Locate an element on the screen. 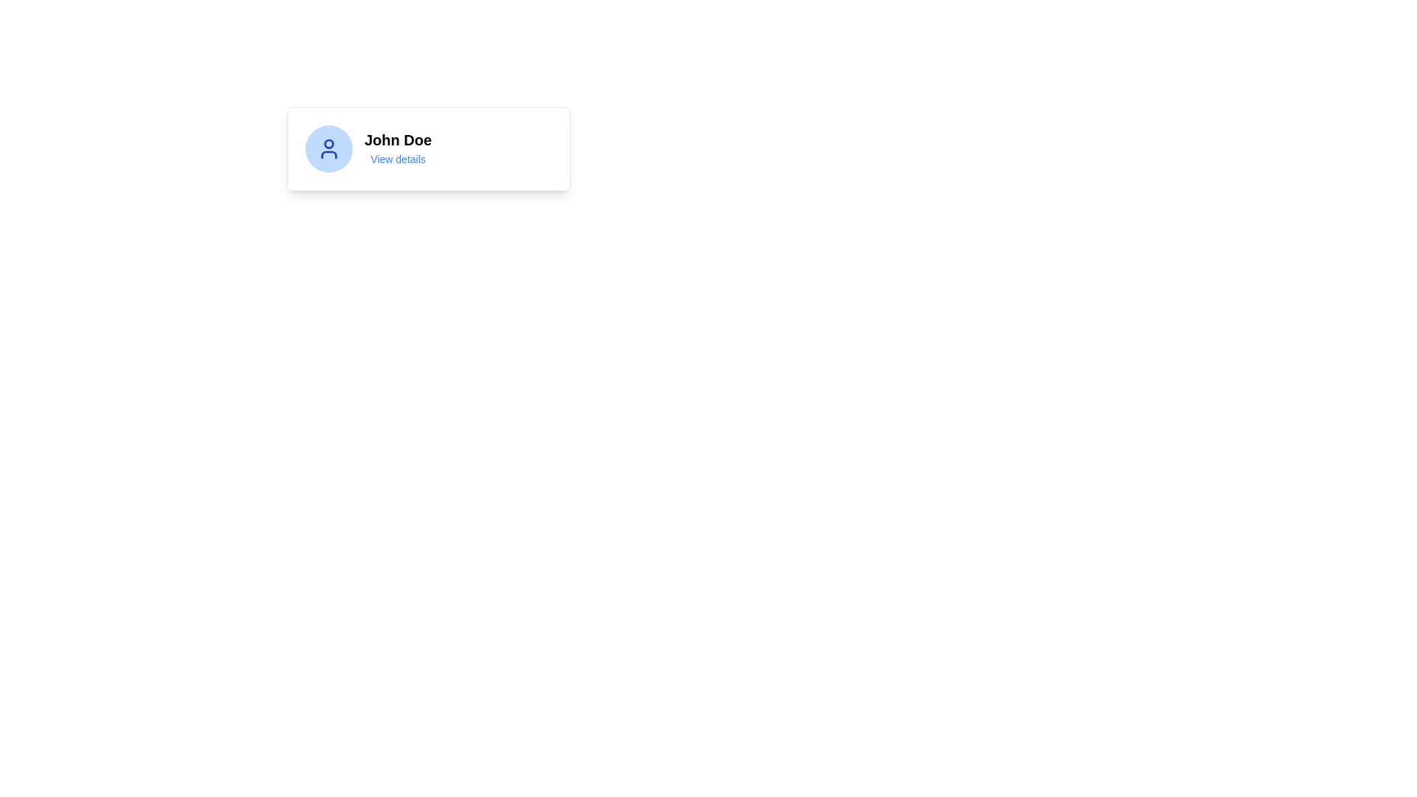 The width and height of the screenshot is (1417, 797). the small circular SVG shape representing the user's avatar, located to the left of the text 'John Doe' is located at coordinates (328, 144).